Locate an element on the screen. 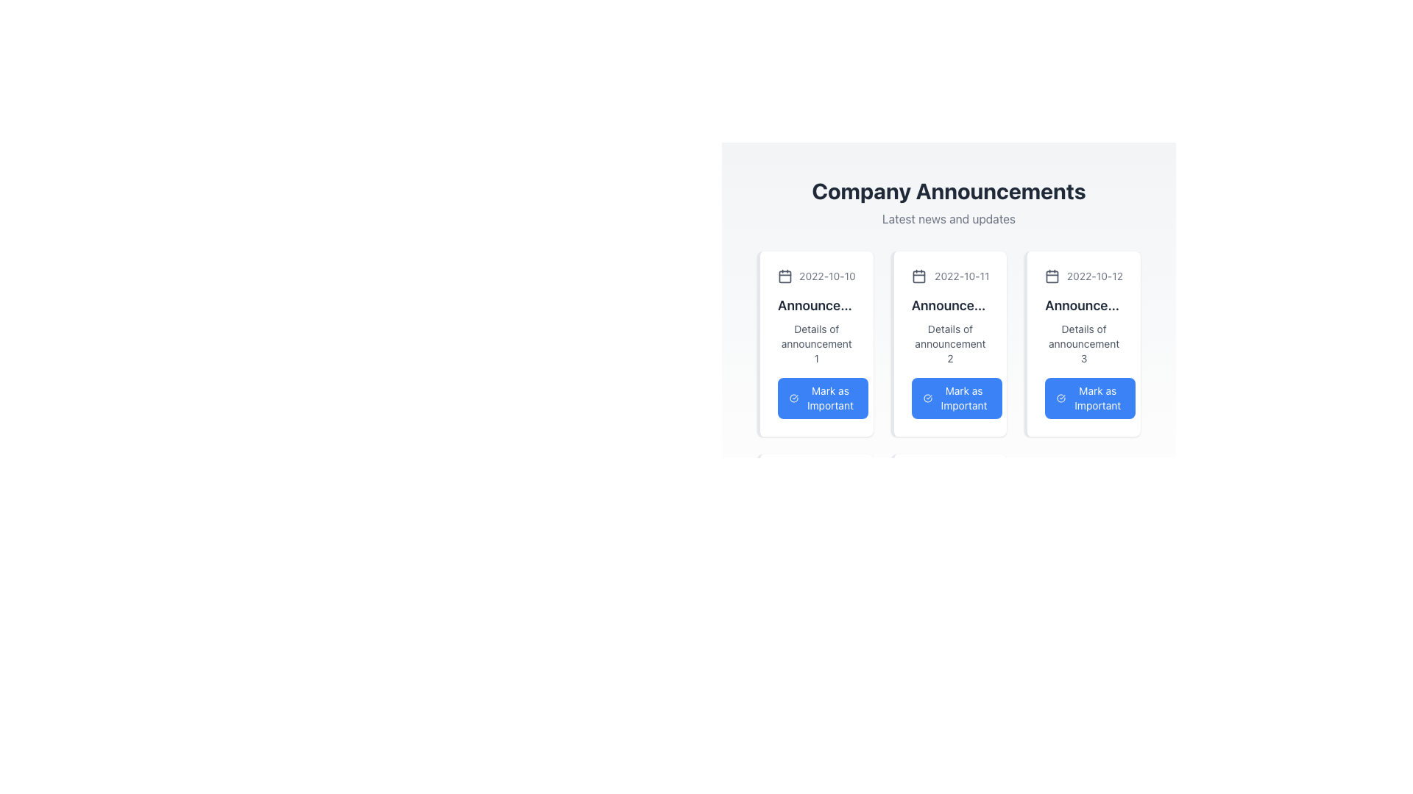 The width and height of the screenshot is (1413, 794). the 'Mark as Important' button which contains the SVG icon indicating the action of marking an item as important is located at coordinates (793, 398).